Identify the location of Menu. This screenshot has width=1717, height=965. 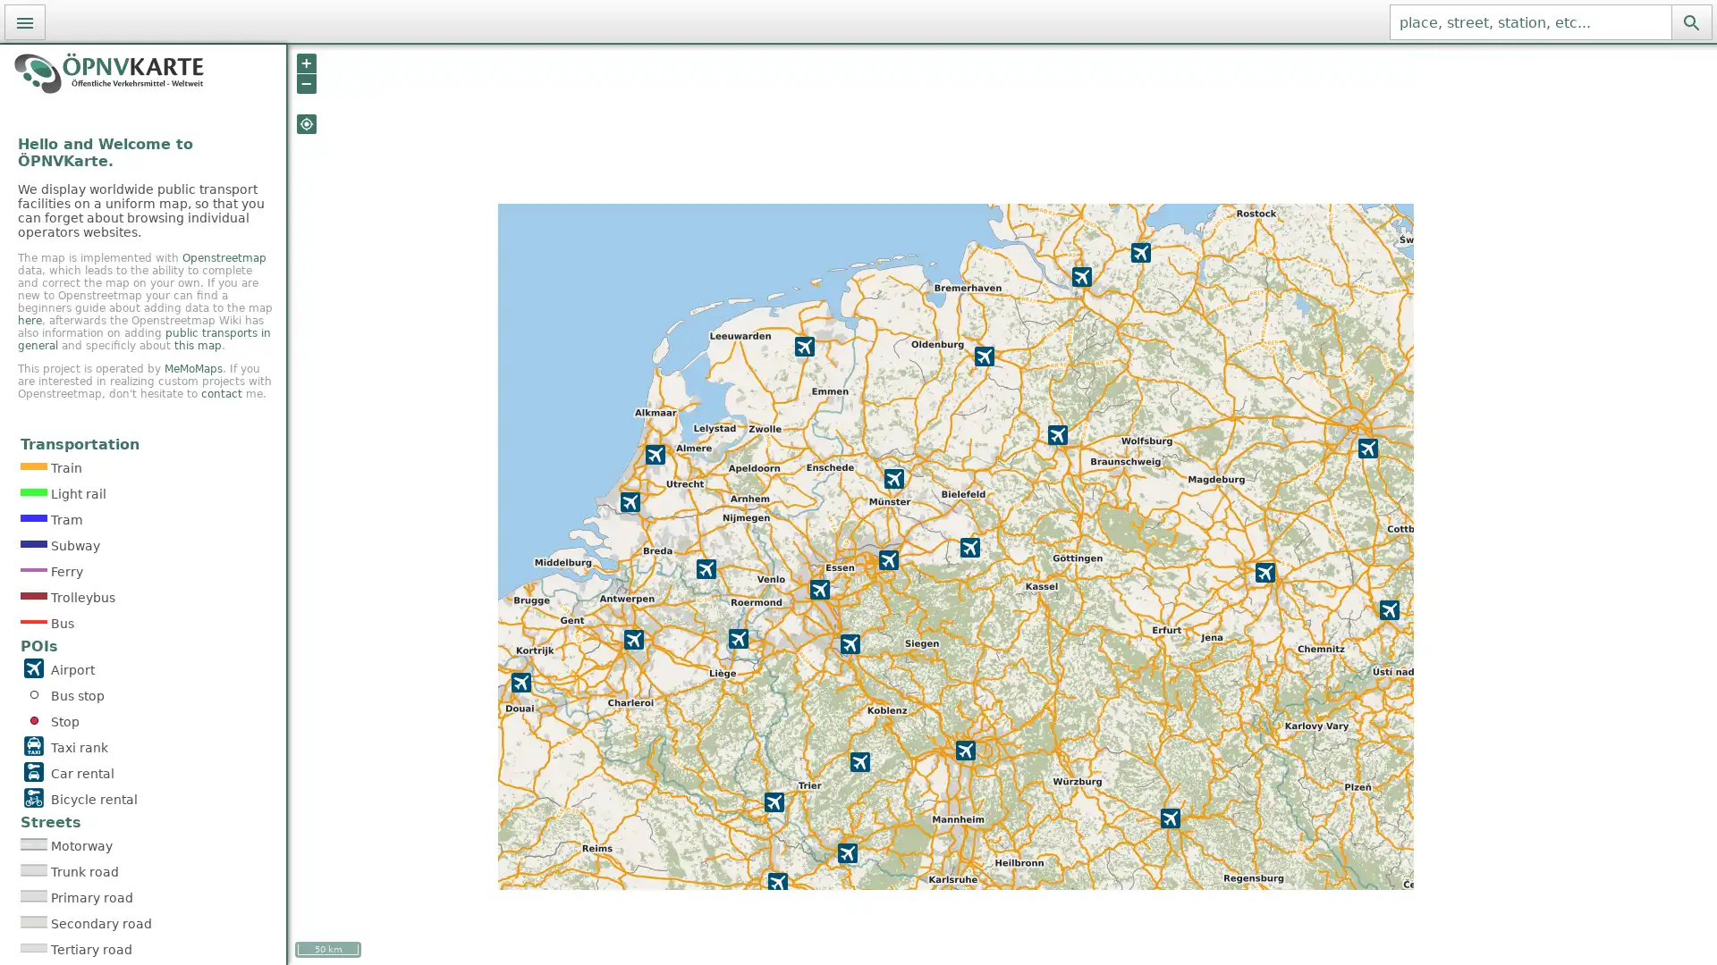
(25, 21).